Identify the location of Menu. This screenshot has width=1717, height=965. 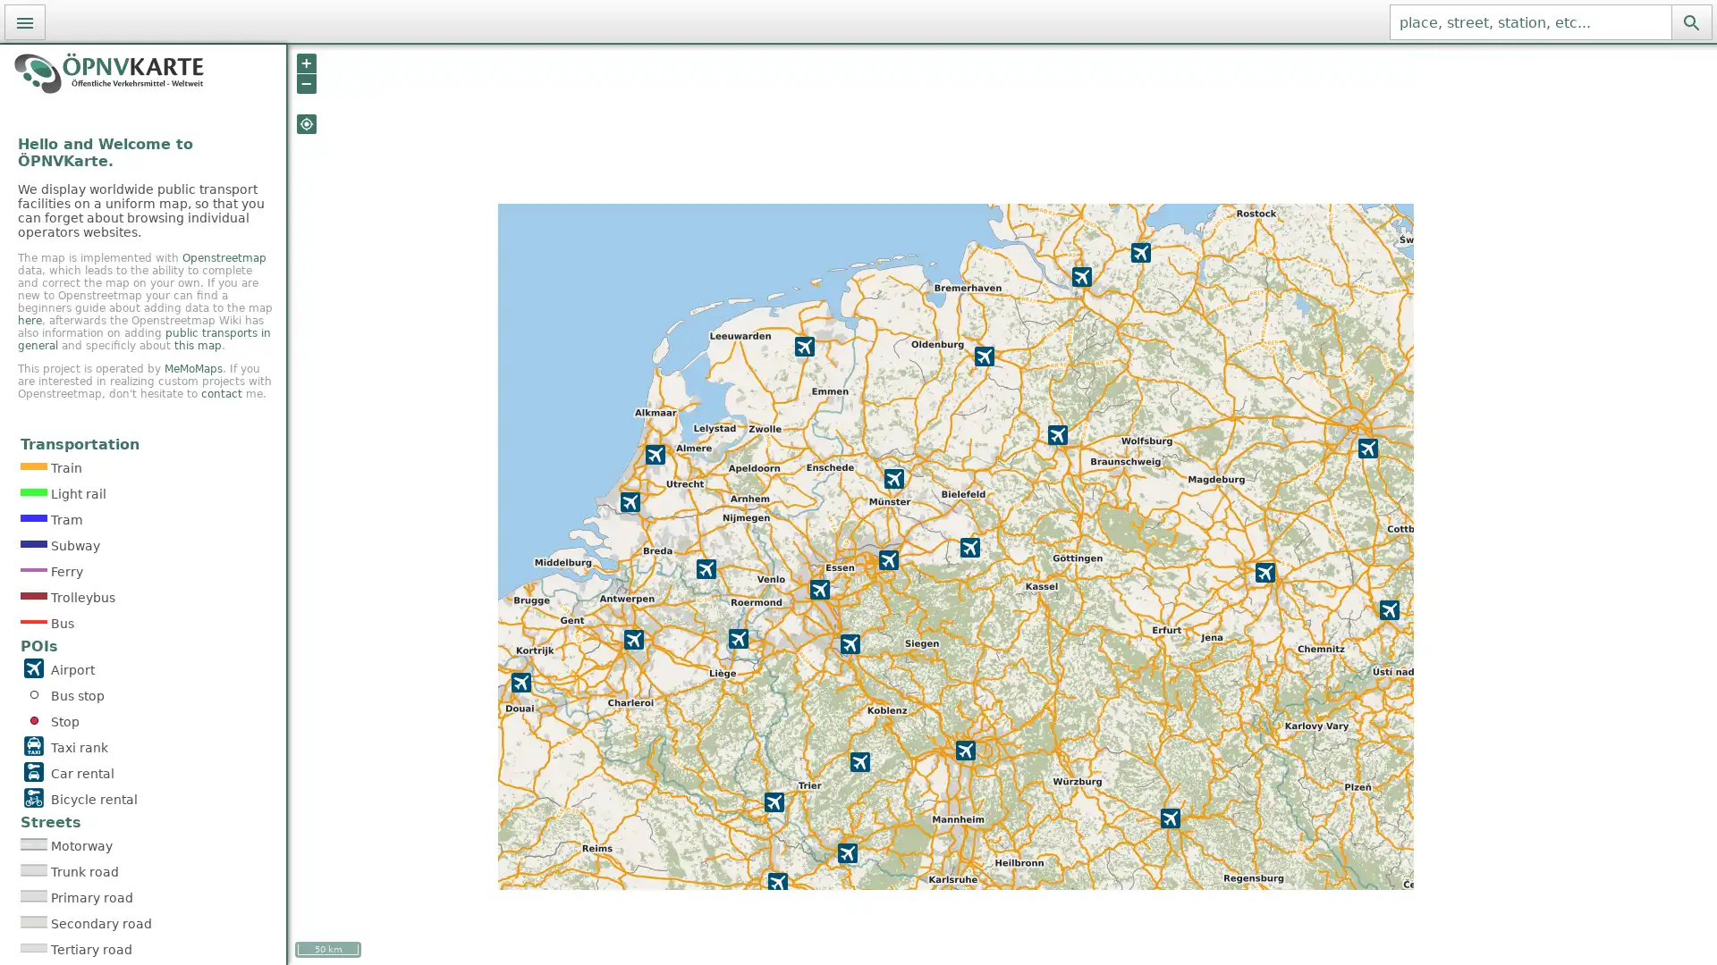
(25, 21).